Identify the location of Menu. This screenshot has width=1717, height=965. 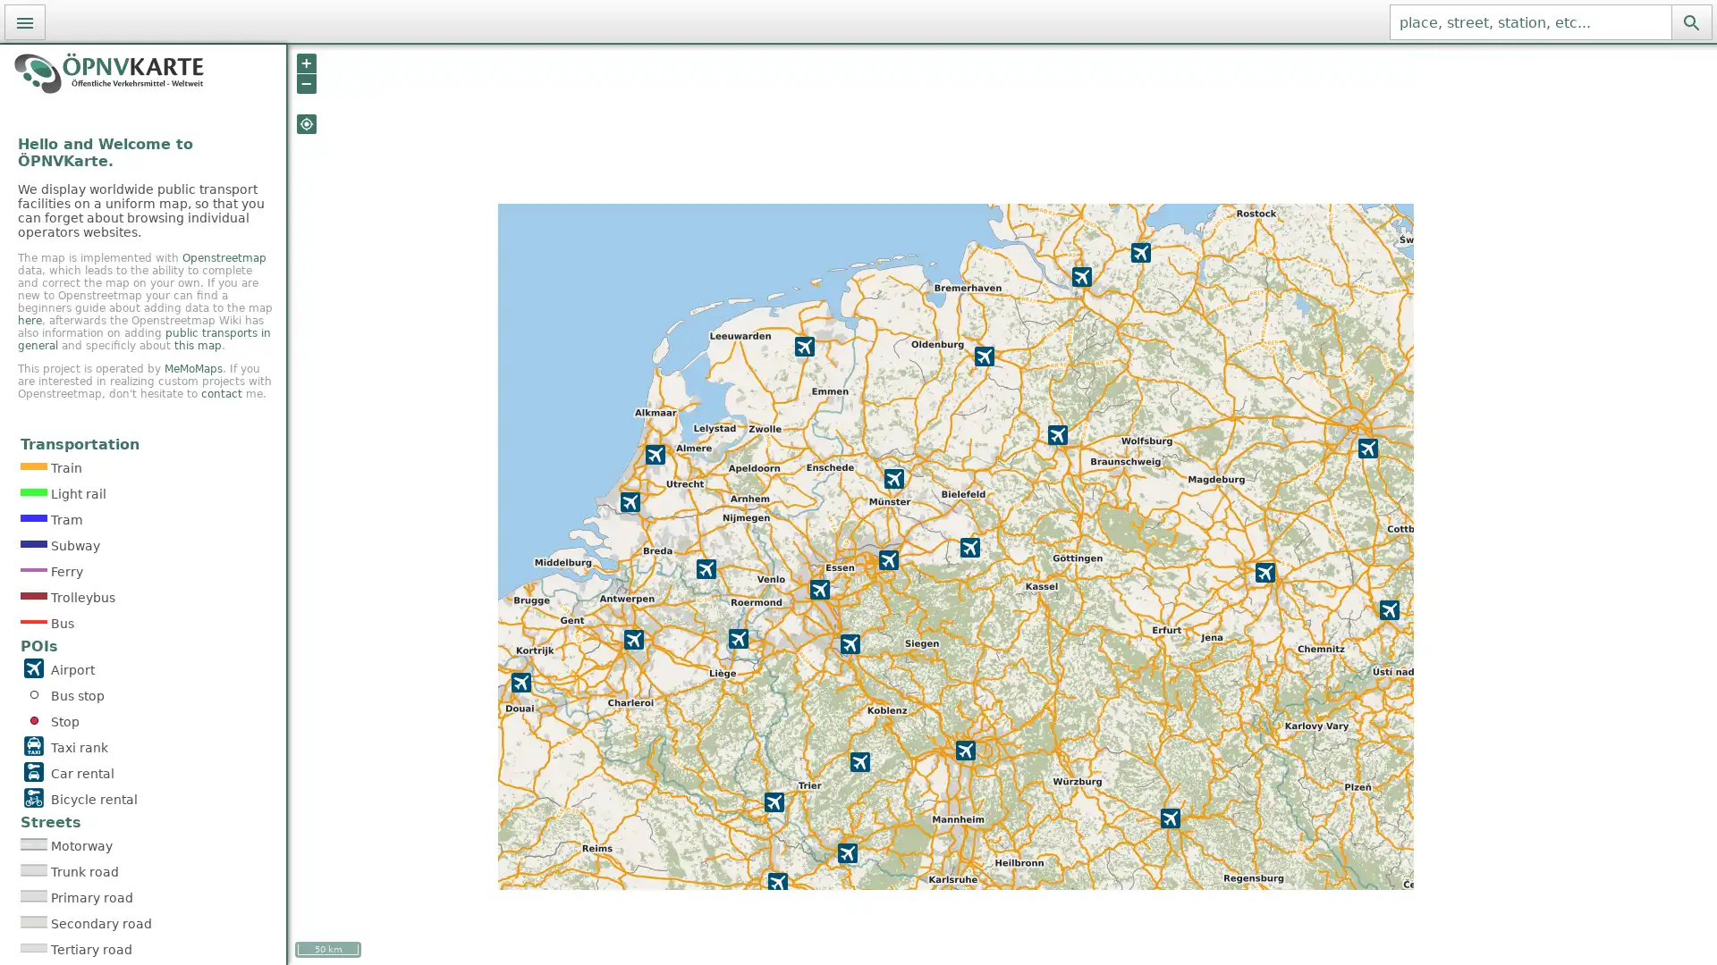
(25, 21).